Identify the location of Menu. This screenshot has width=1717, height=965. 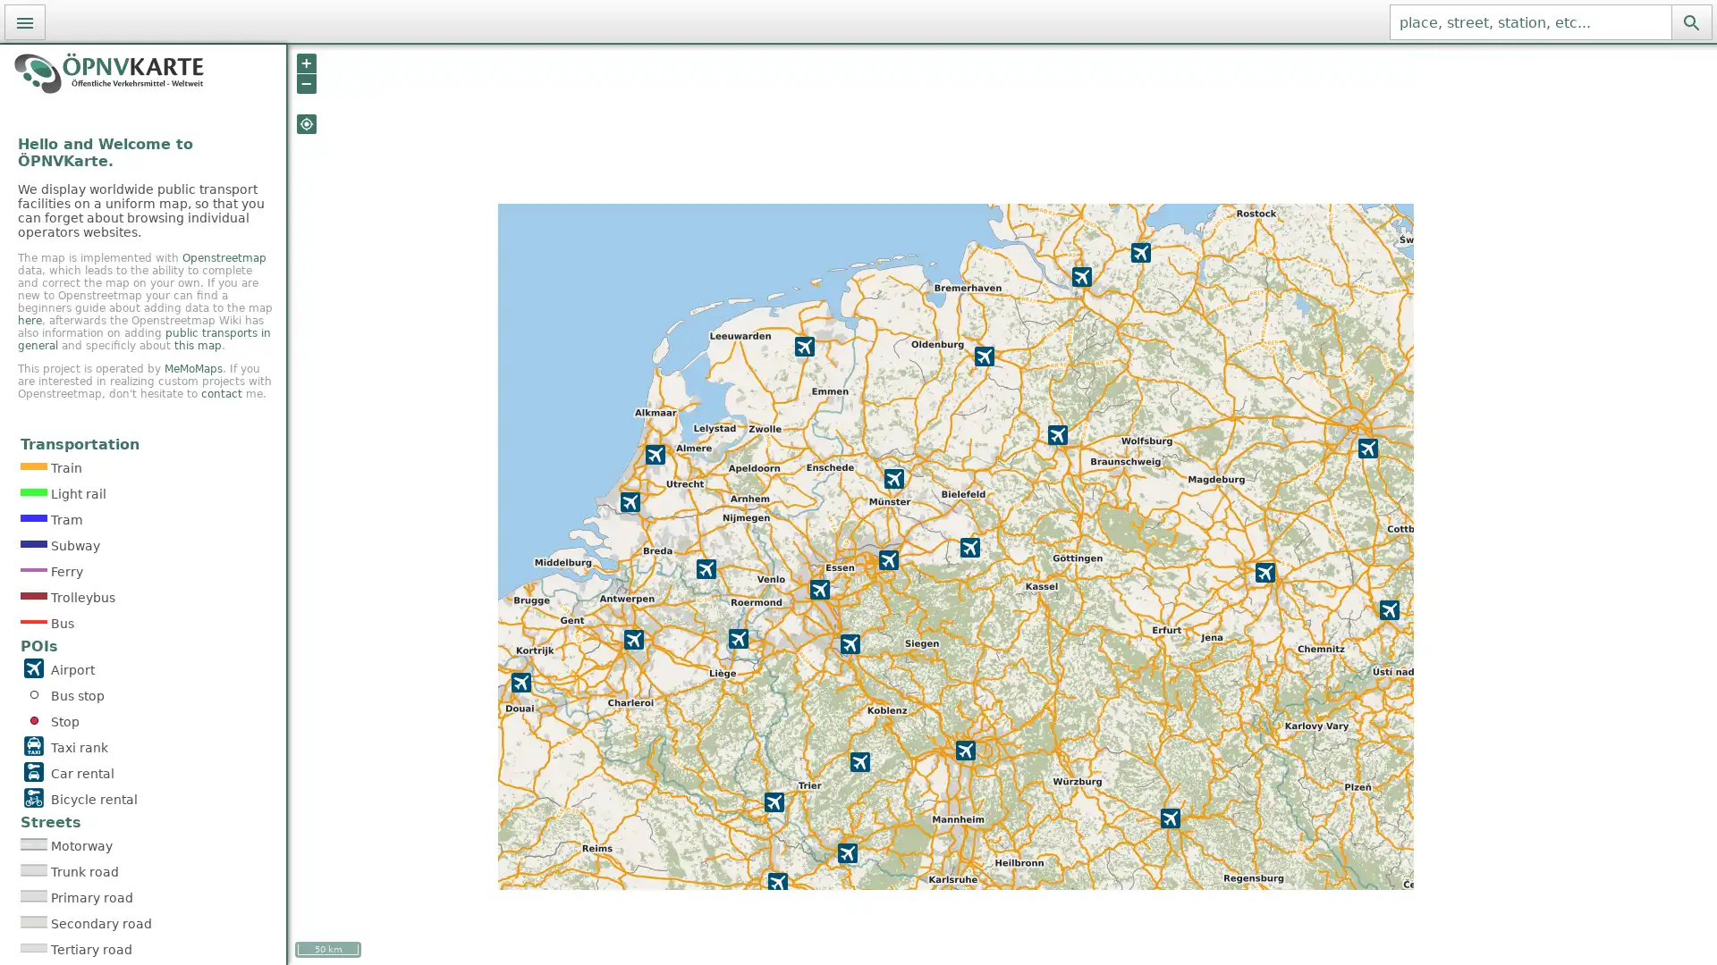
(25, 21).